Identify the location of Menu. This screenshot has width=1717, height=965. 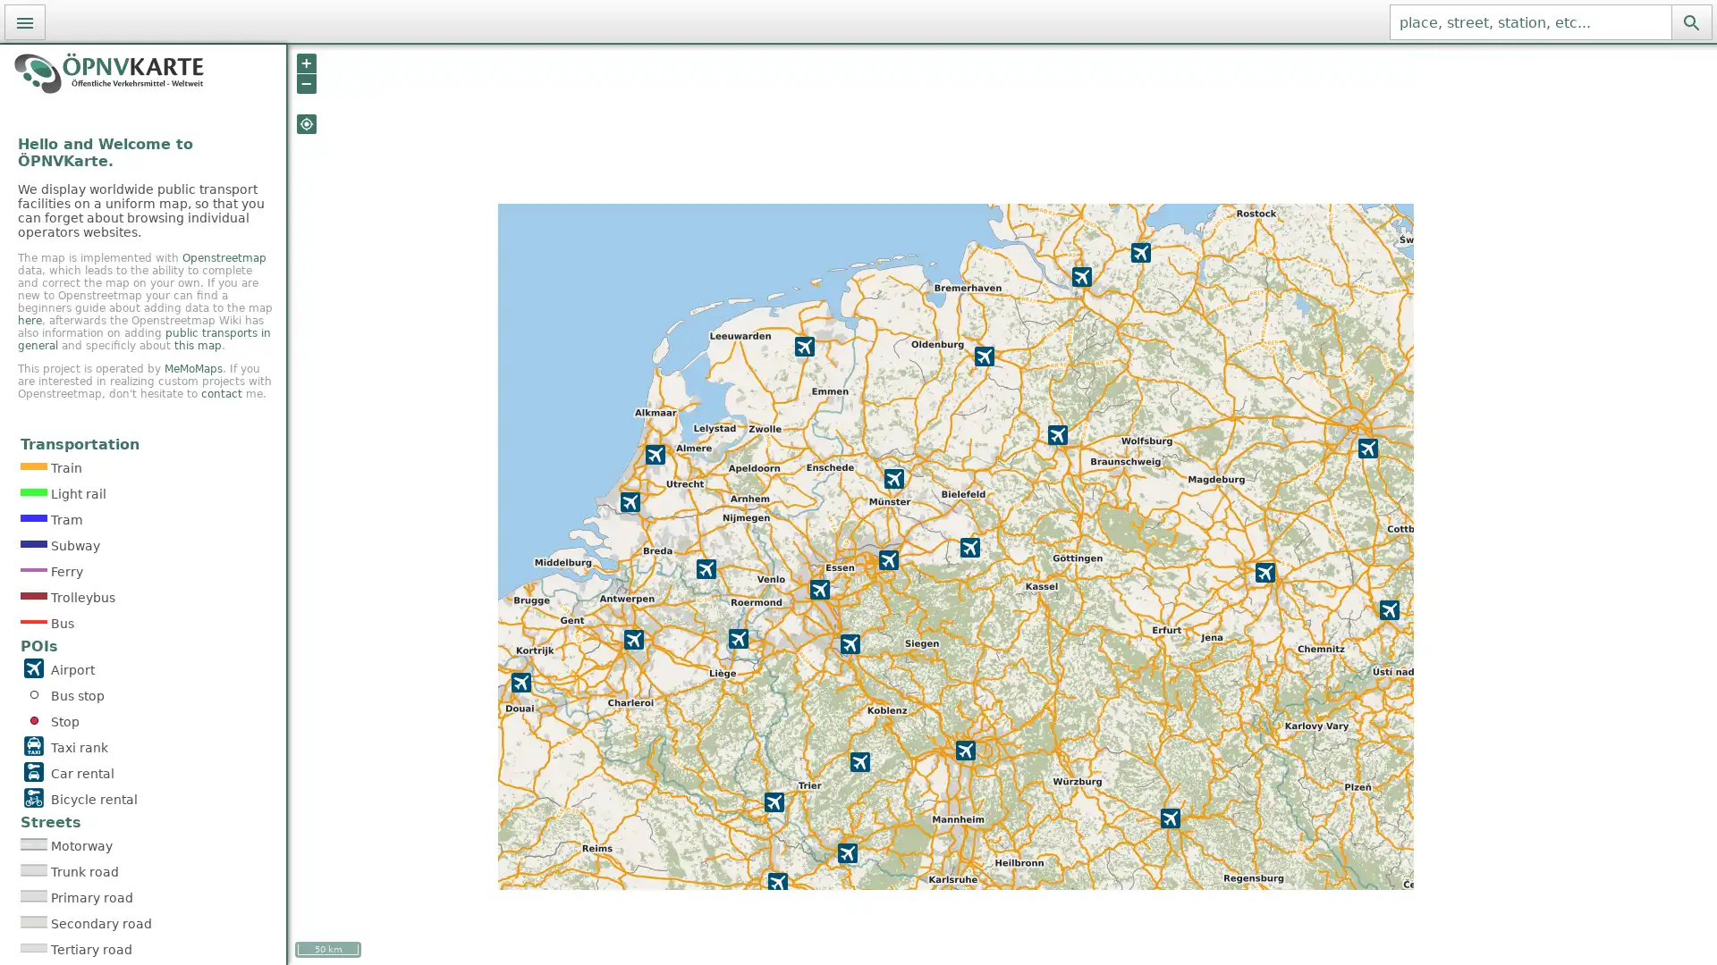
(25, 21).